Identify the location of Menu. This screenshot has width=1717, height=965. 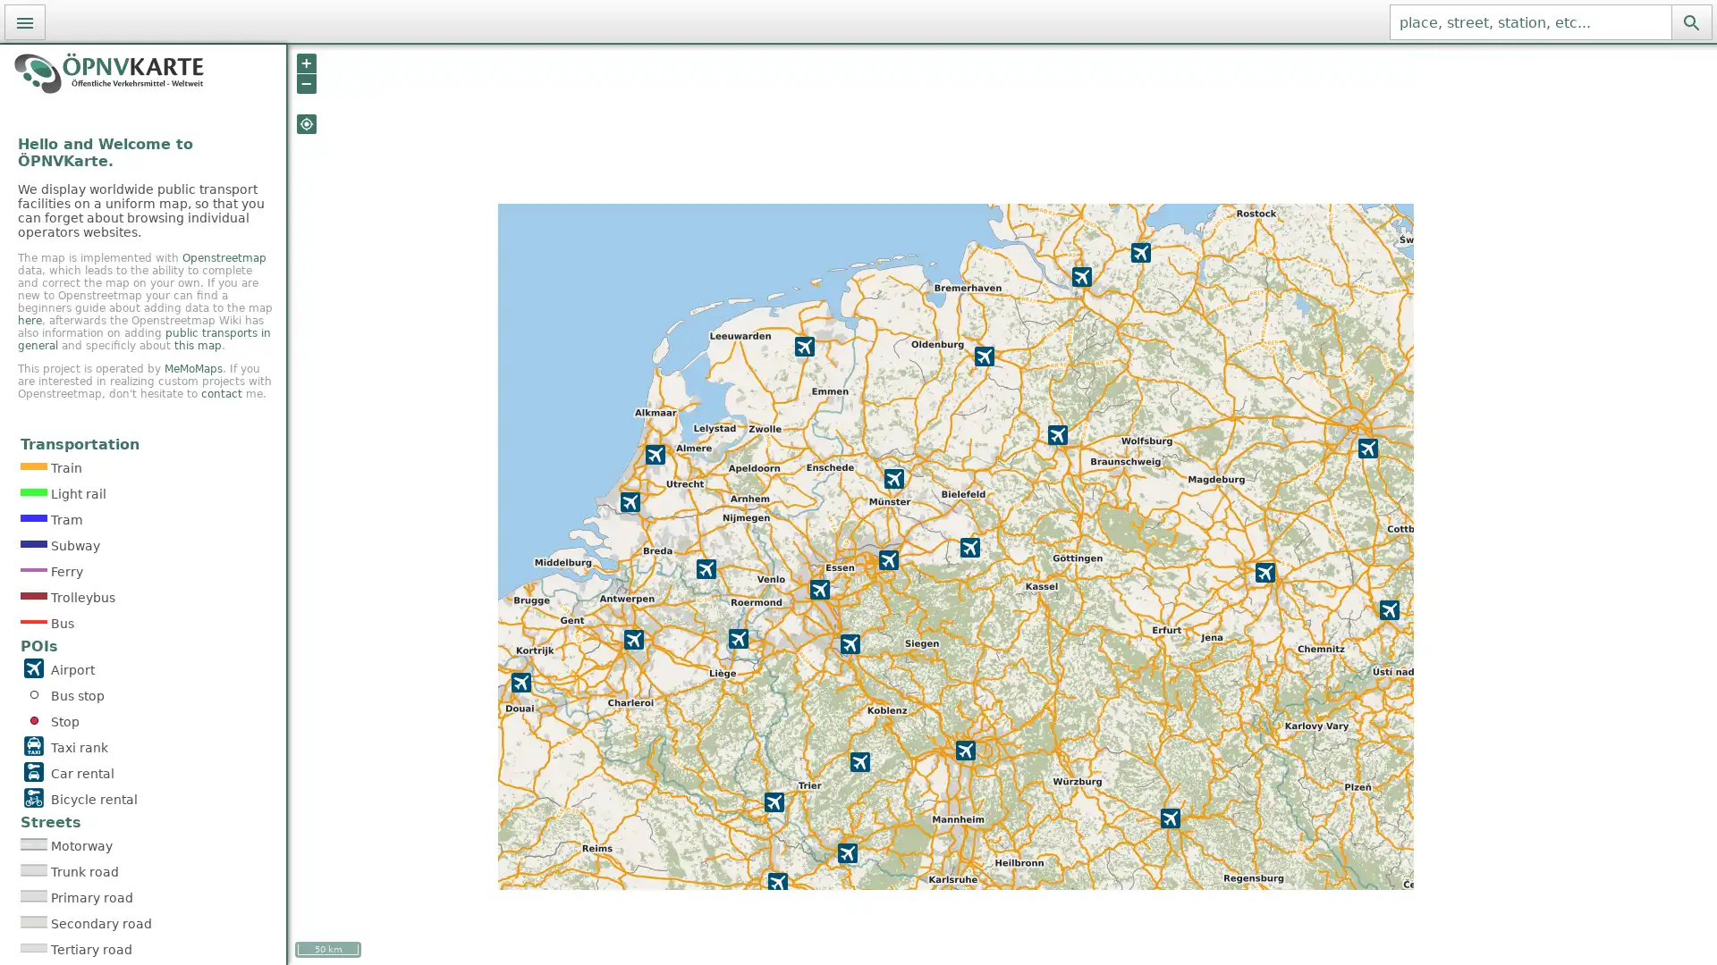
(25, 21).